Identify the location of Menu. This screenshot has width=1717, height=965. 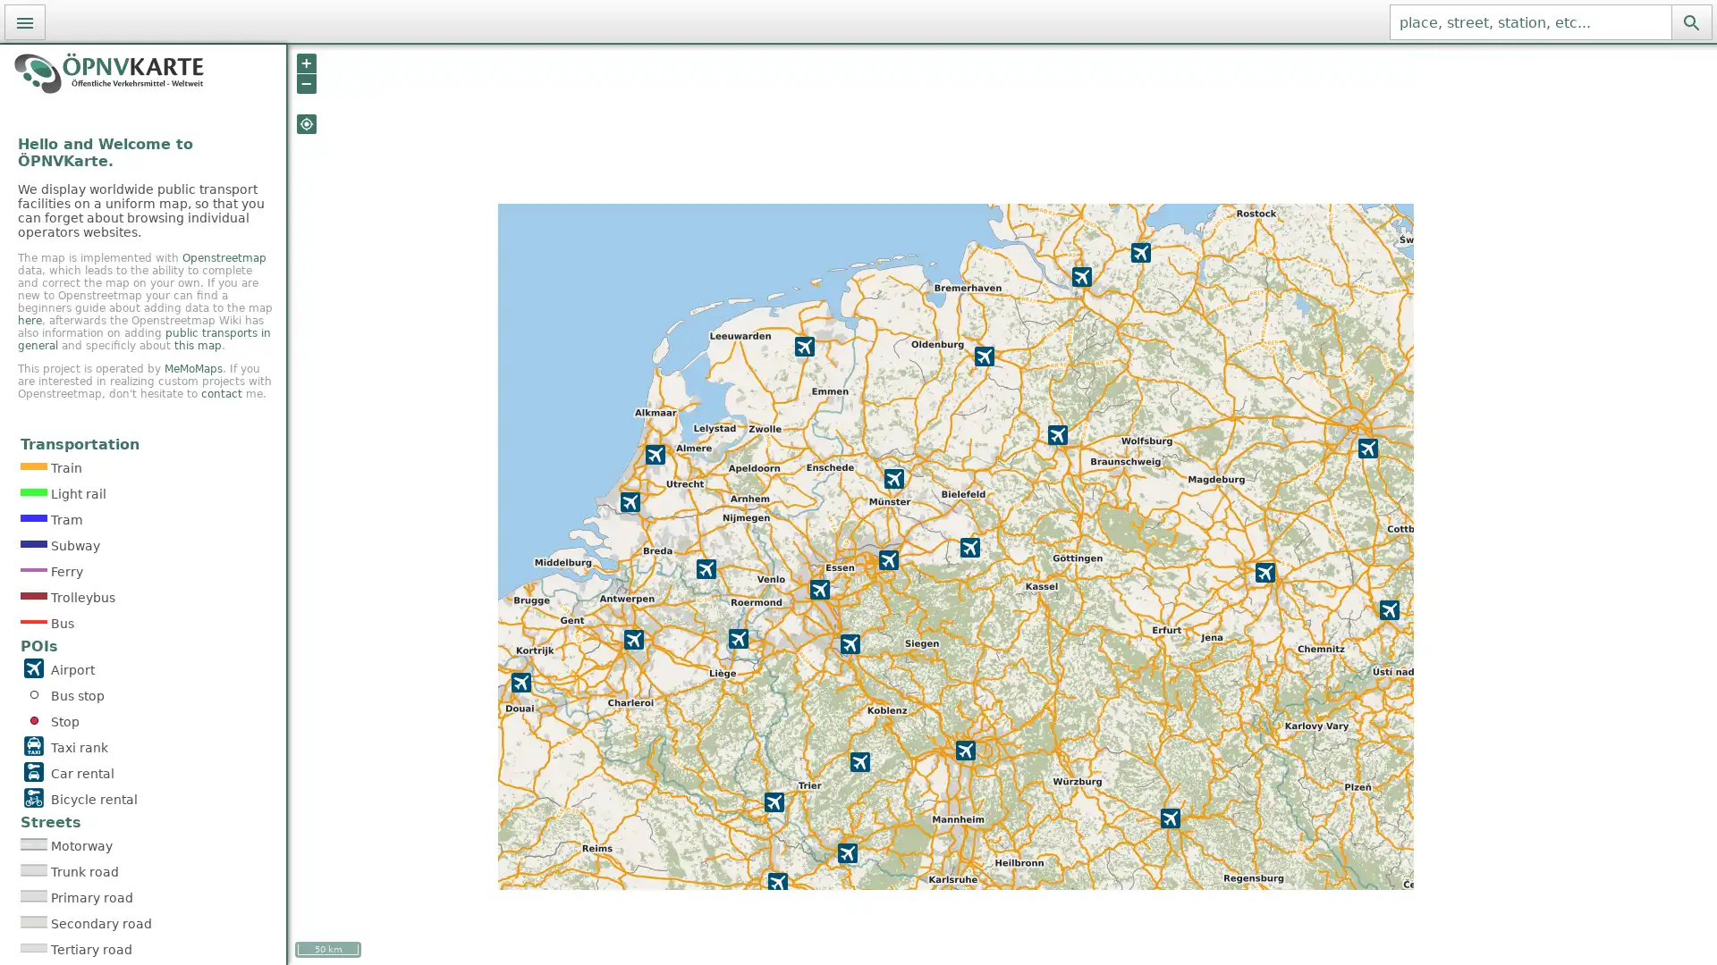
(25, 21).